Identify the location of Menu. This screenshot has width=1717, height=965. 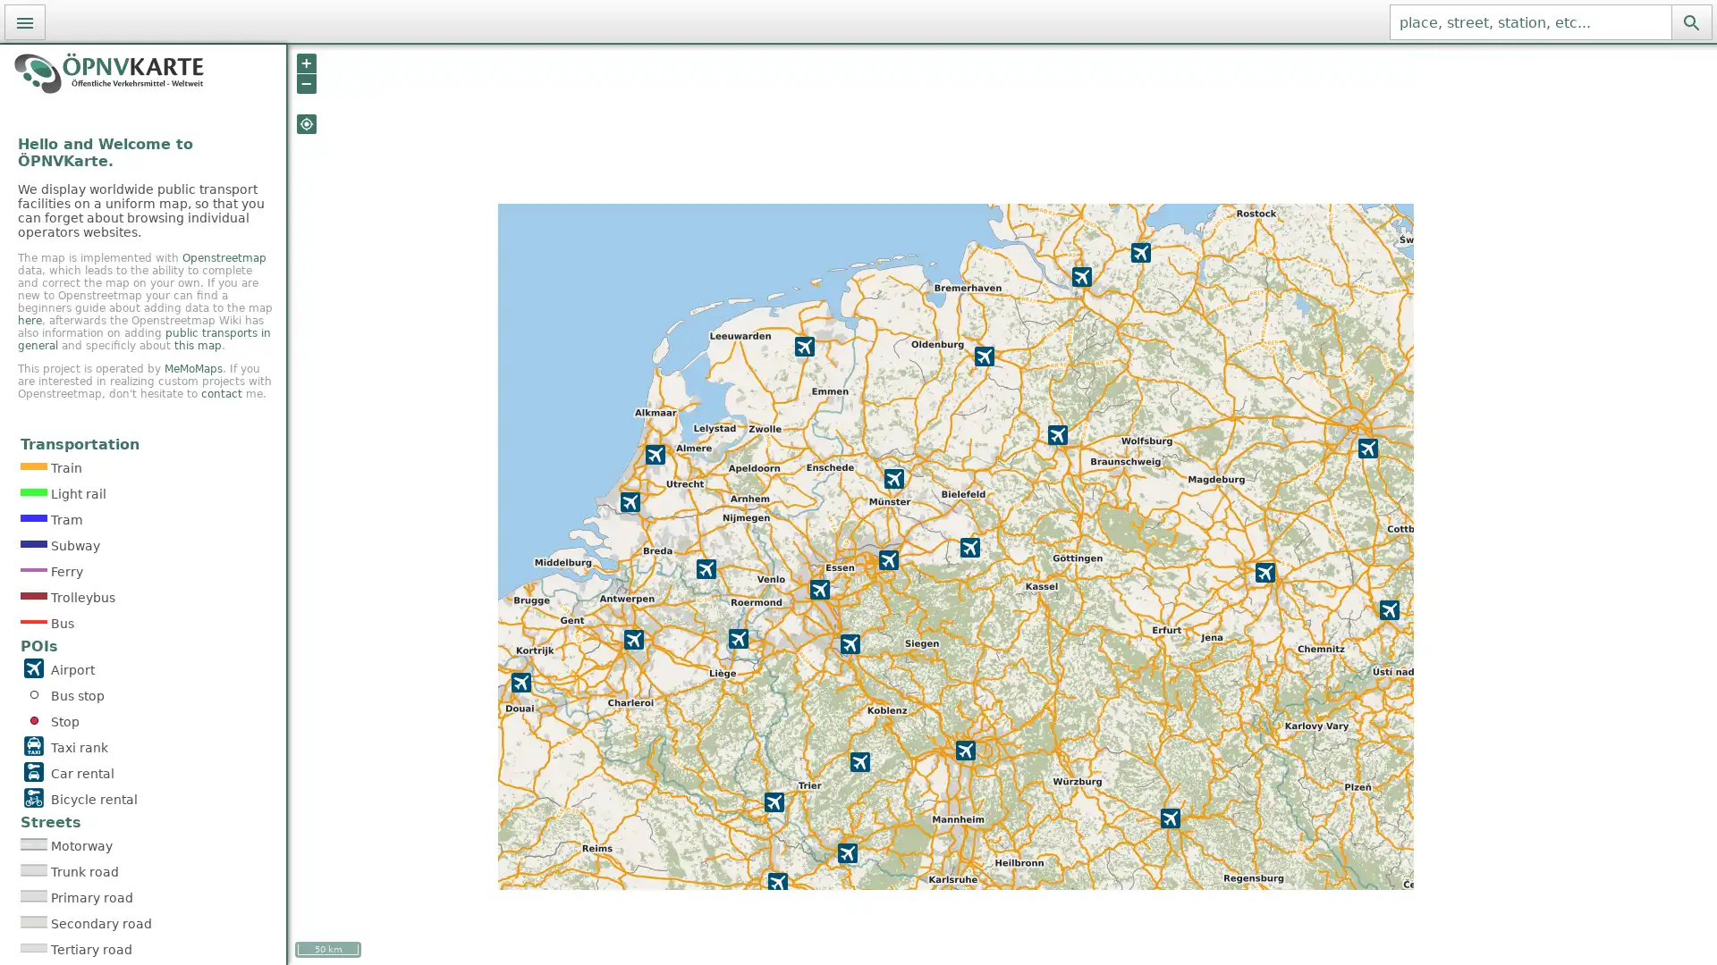
(25, 21).